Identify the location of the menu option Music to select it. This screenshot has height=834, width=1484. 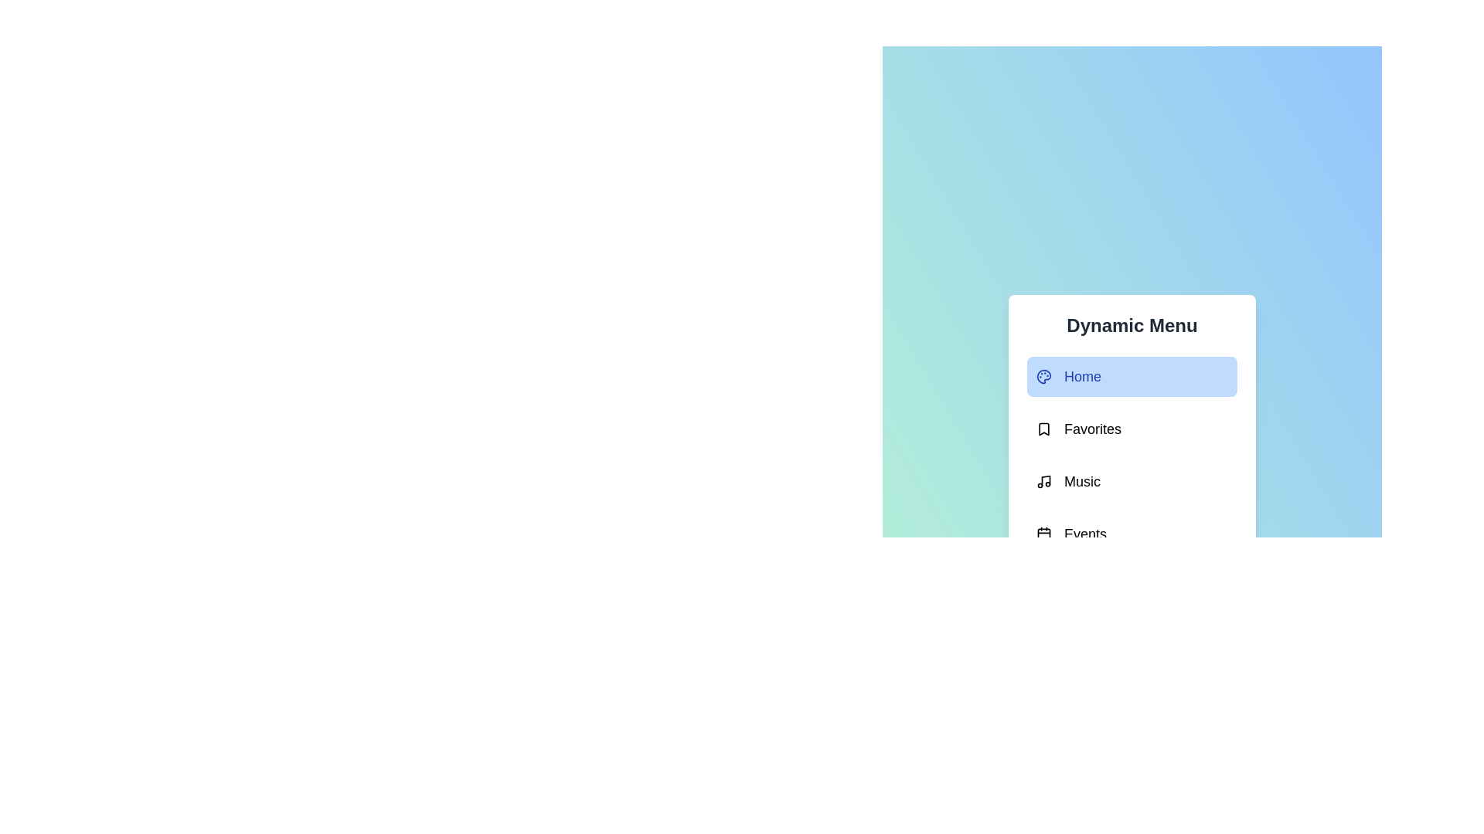
(1132, 481).